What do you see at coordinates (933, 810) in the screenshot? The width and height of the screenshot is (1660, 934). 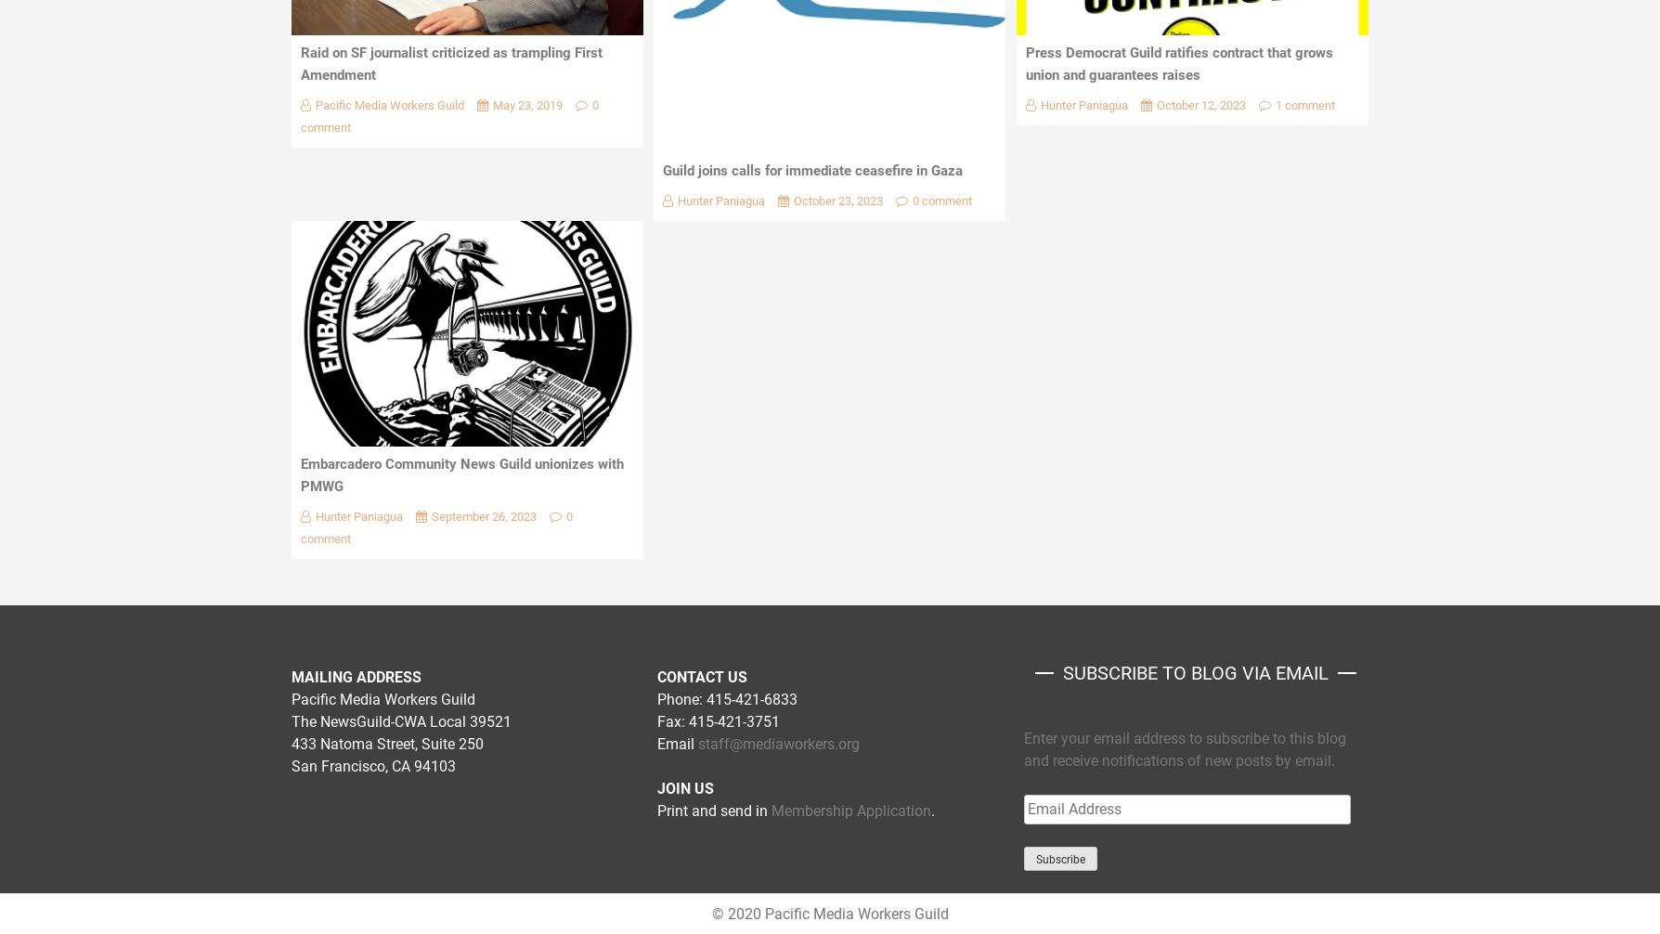 I see `'.'` at bounding box center [933, 810].